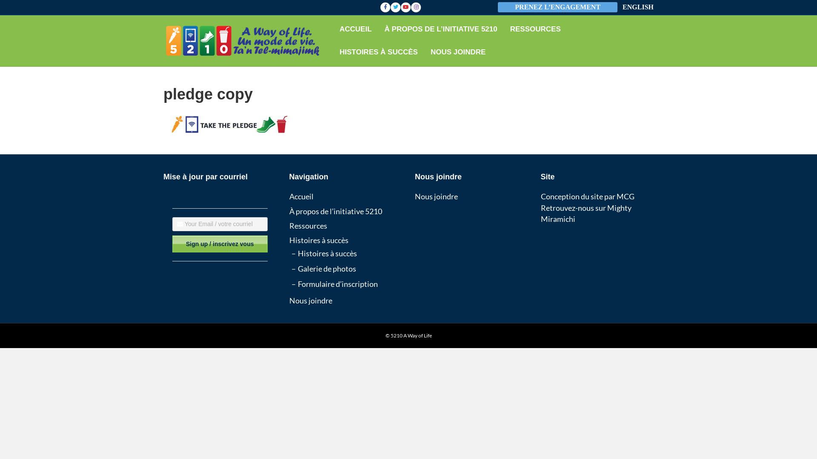 The width and height of the screenshot is (817, 459). What do you see at coordinates (326, 269) in the screenshot?
I see `'Galerie de photos'` at bounding box center [326, 269].